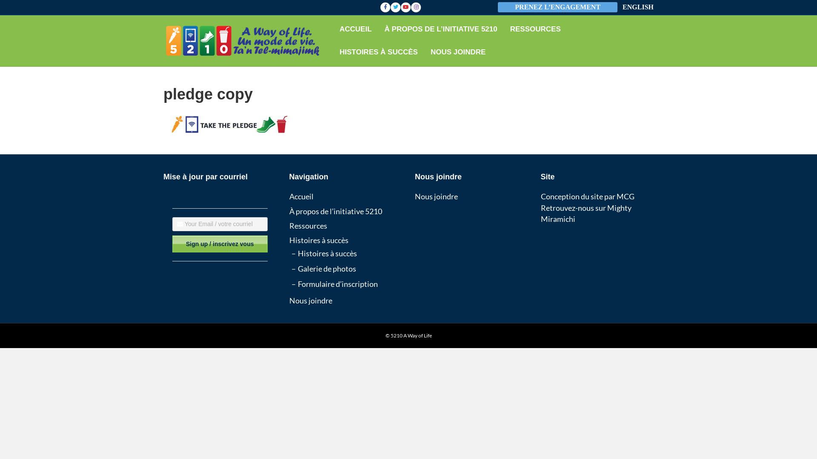 The width and height of the screenshot is (817, 459). What do you see at coordinates (326, 269) in the screenshot?
I see `'Galerie de photos'` at bounding box center [326, 269].